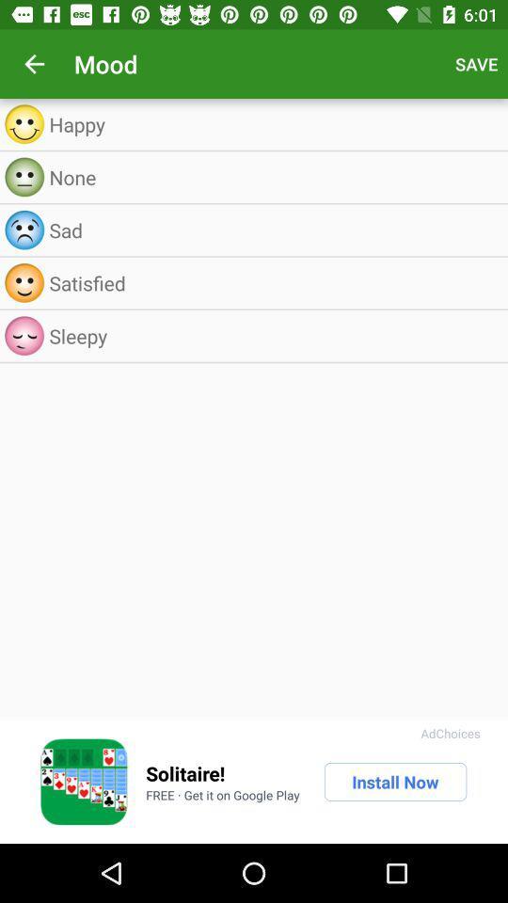 The height and width of the screenshot is (903, 508). Describe the element at coordinates (273, 123) in the screenshot. I see `happy item` at that location.